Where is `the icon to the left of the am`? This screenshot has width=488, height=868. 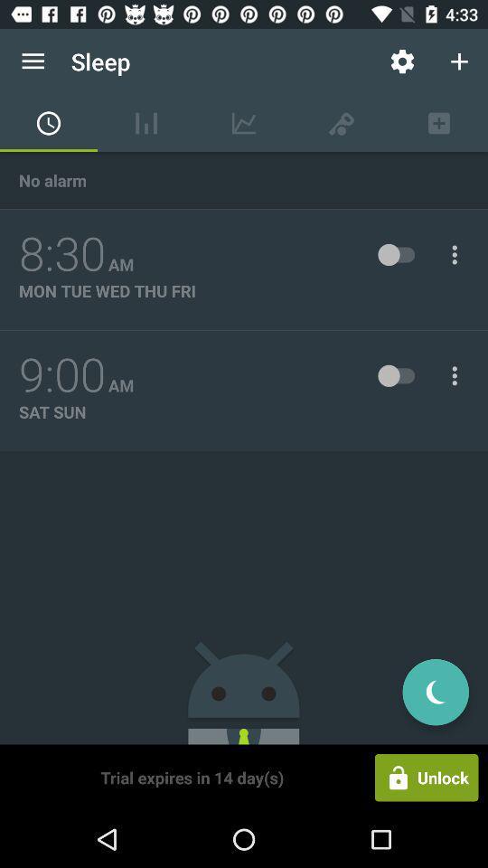 the icon to the left of the am is located at coordinates (61, 374).